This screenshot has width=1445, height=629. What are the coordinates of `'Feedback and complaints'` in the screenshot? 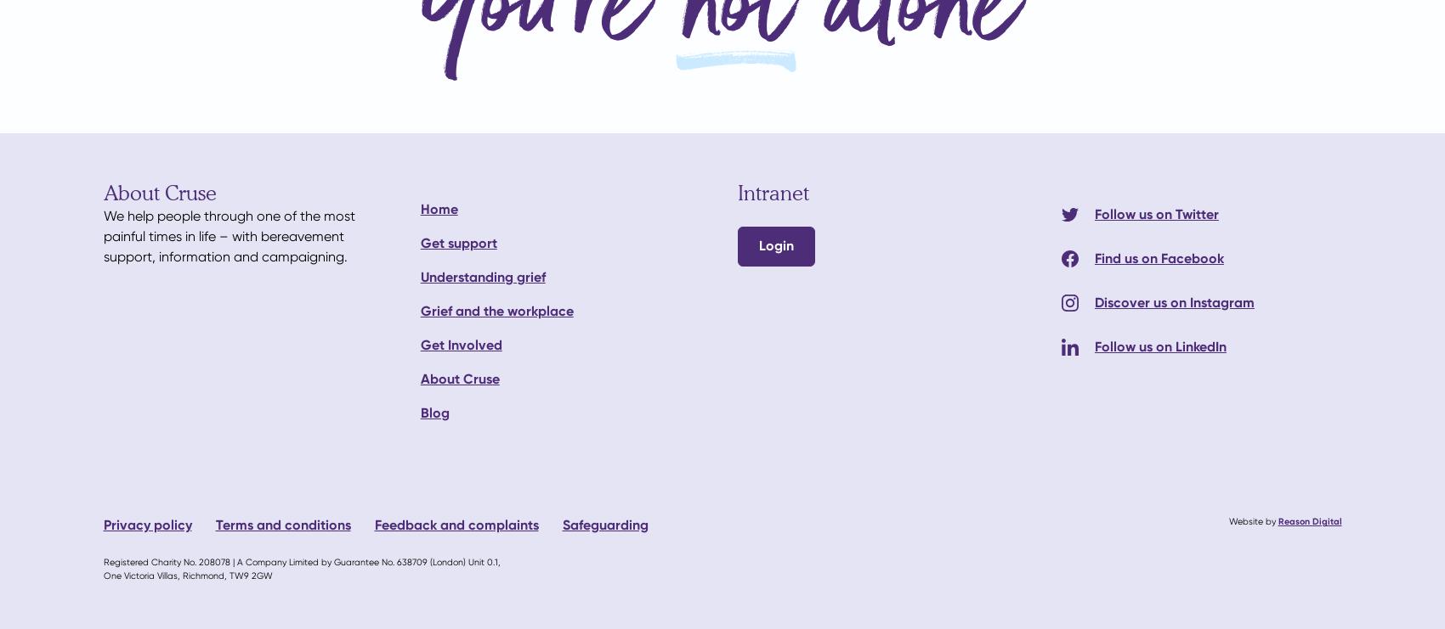 It's located at (373, 525).